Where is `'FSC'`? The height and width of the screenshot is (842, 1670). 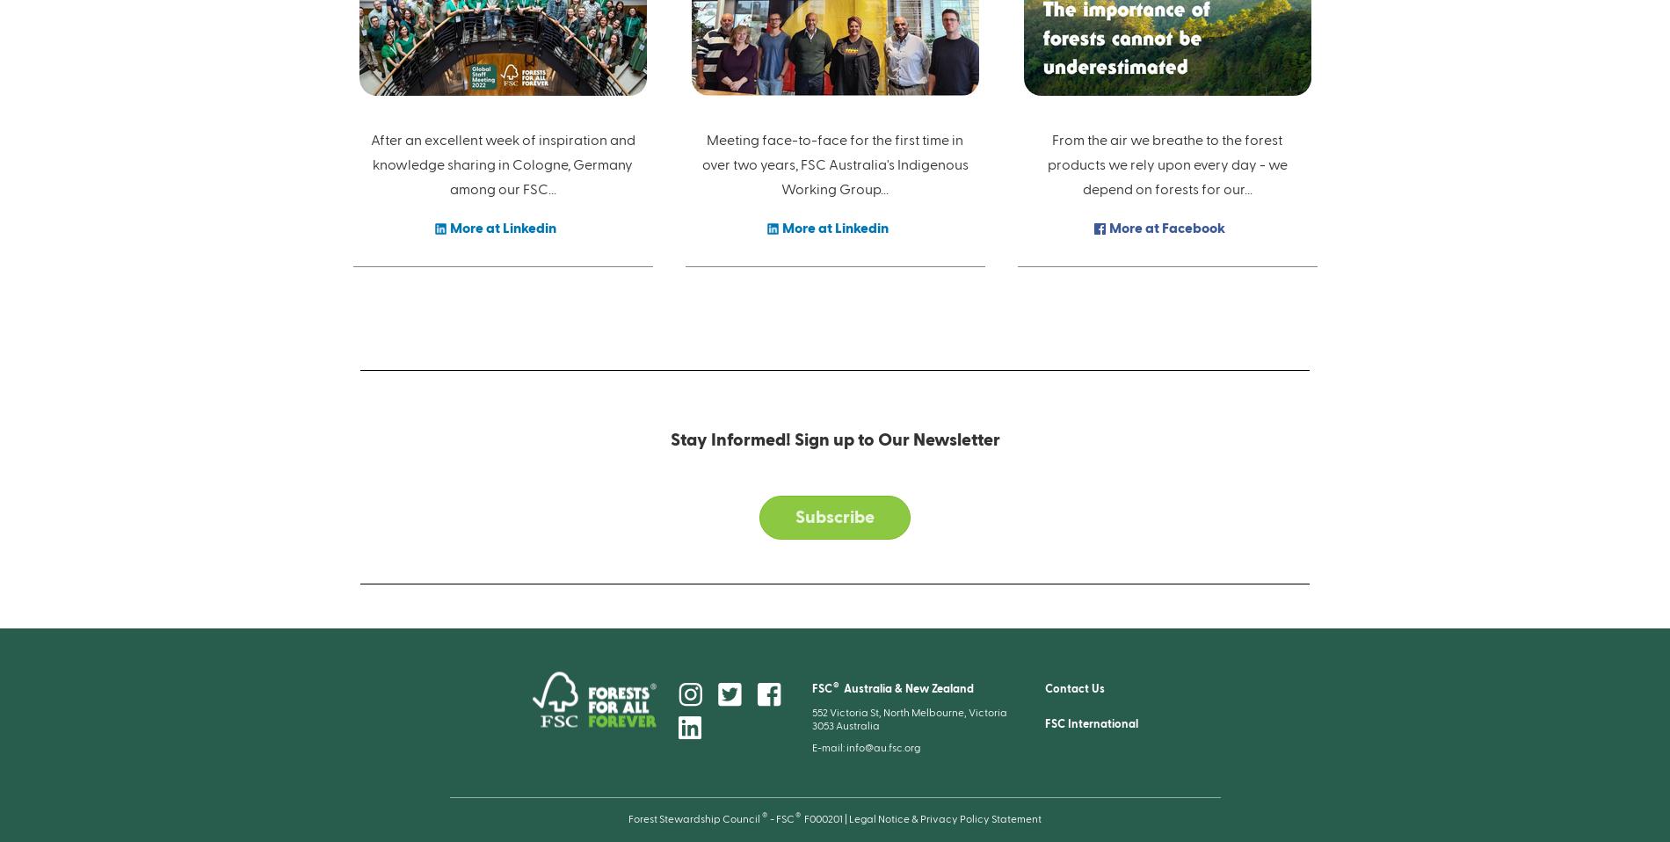 'FSC' is located at coordinates (821, 687).